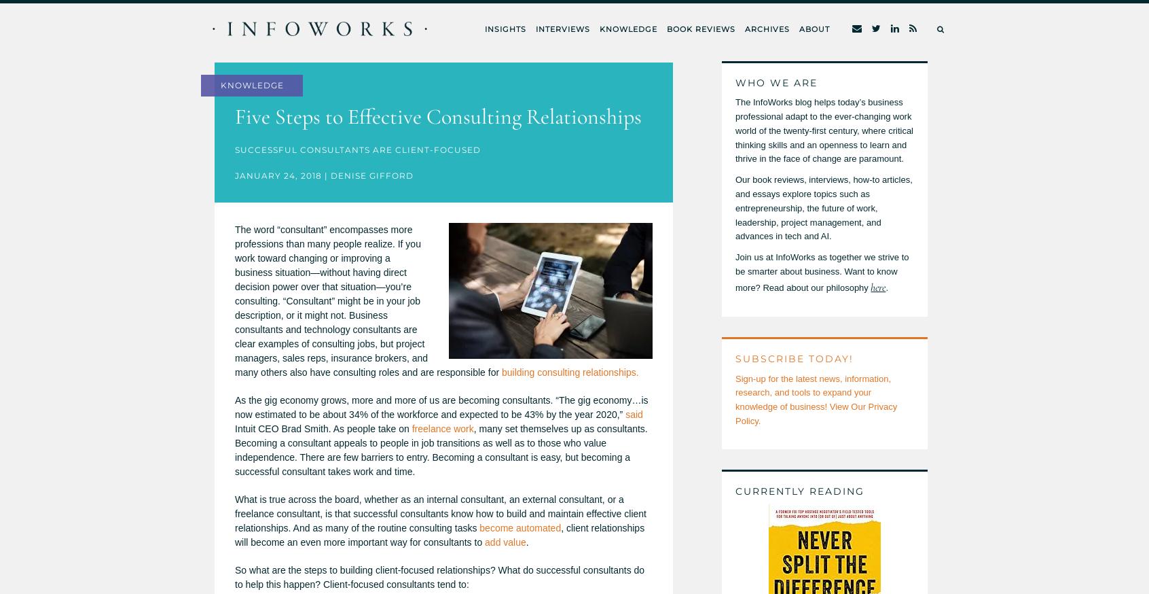 The width and height of the screenshot is (1149, 594). I want to click on 'View Our Privacy Policy.', so click(816, 413).